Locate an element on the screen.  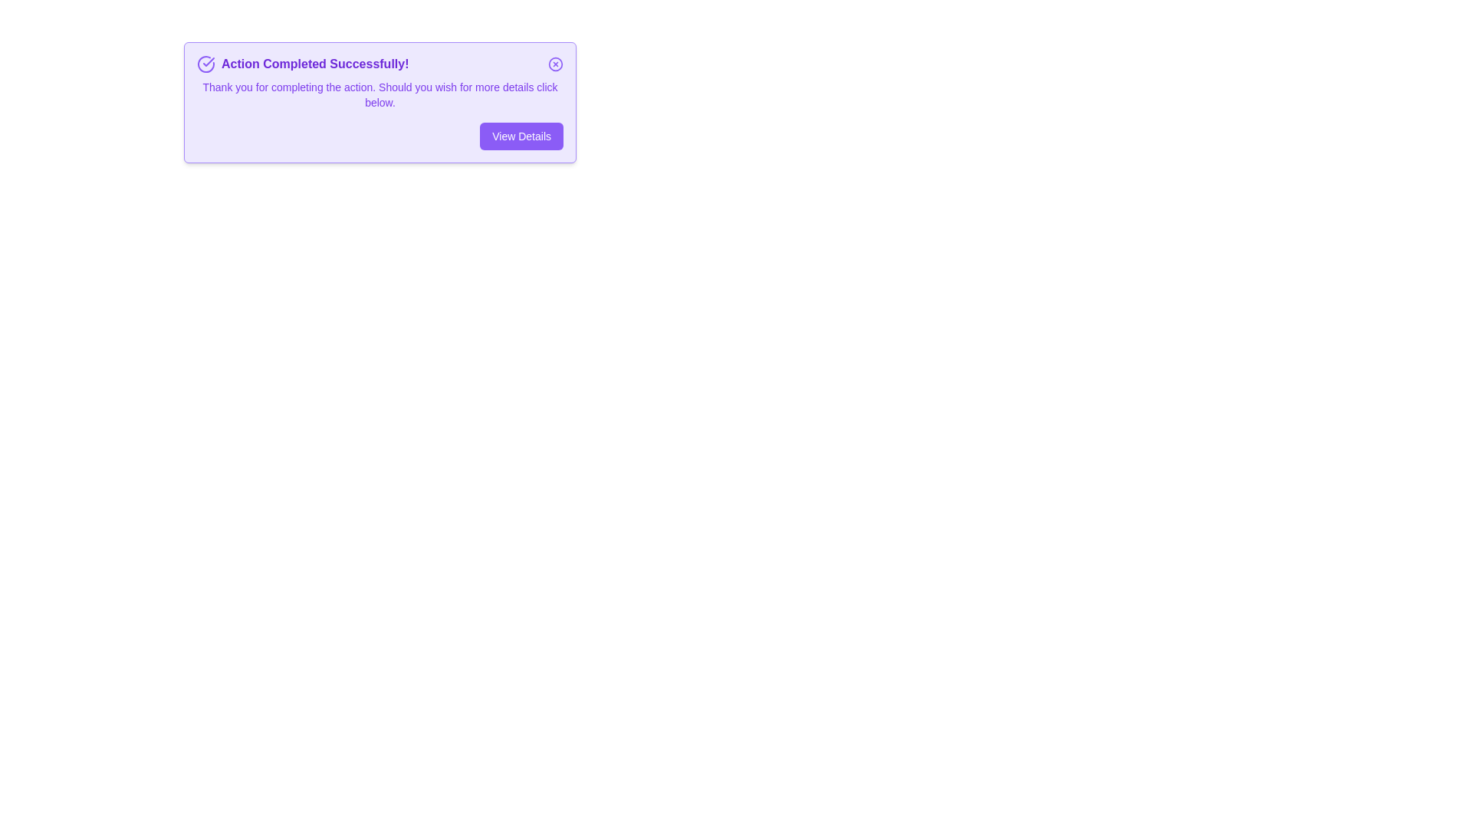
the 'View Details' button to navigate or view additional information is located at coordinates (521, 135).